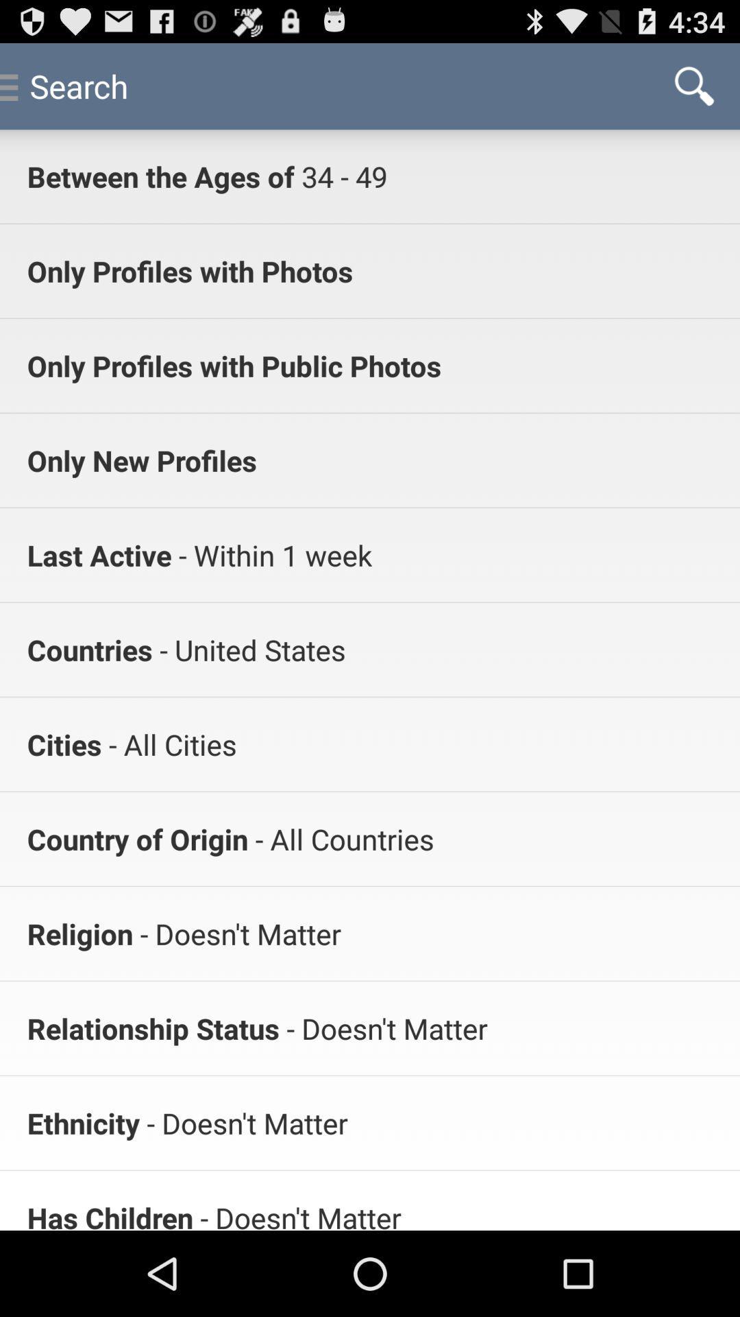 The width and height of the screenshot is (740, 1317). Describe the element at coordinates (109, 1214) in the screenshot. I see `app below the ethnicity` at that location.